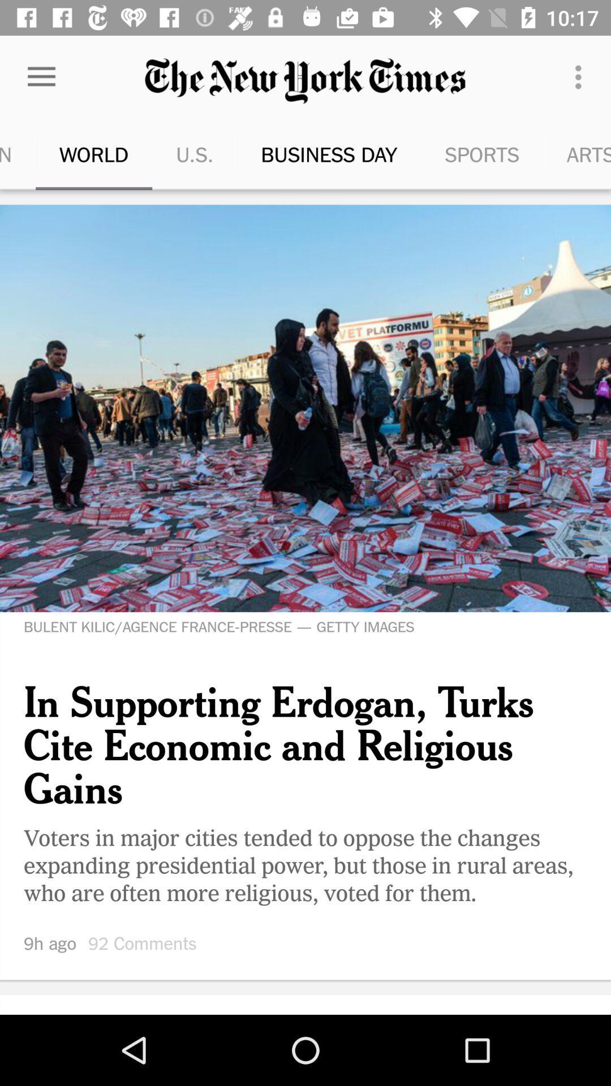 The image size is (611, 1086). What do you see at coordinates (562, 154) in the screenshot?
I see `icon to the left of new york` at bounding box center [562, 154].